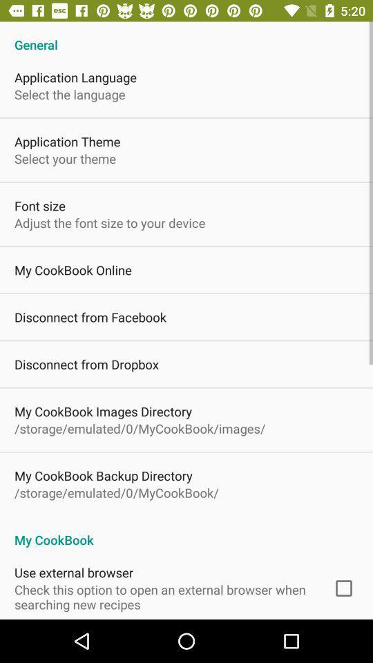  I want to click on application theme, so click(66, 142).